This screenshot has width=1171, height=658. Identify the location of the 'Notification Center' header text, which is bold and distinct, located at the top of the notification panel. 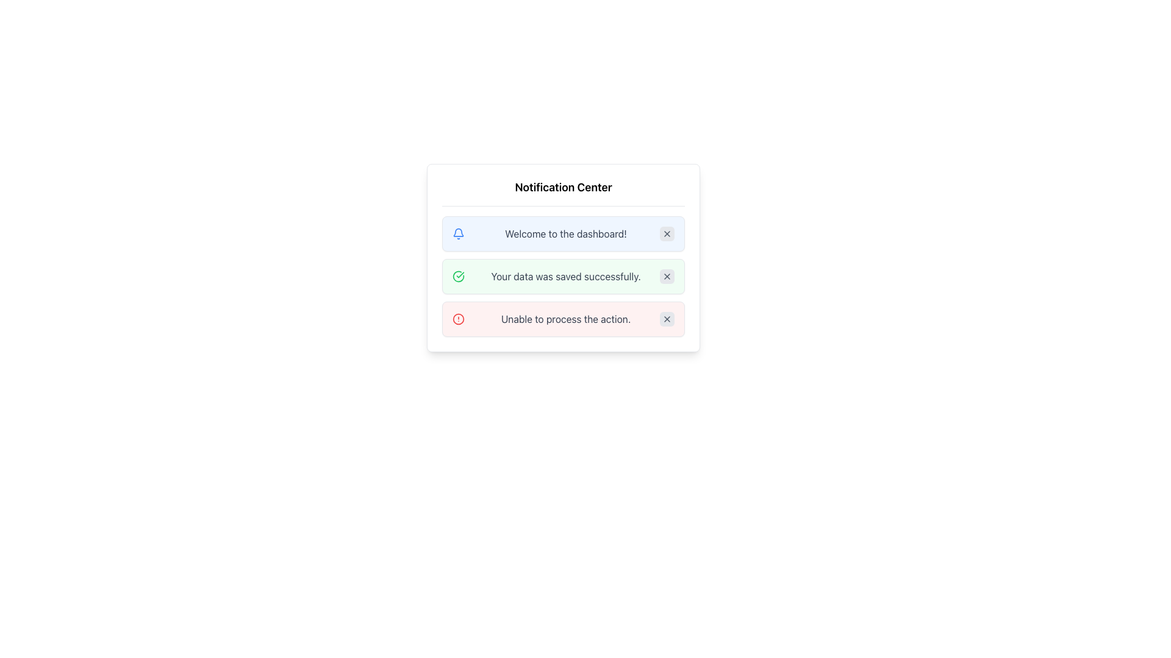
(563, 192).